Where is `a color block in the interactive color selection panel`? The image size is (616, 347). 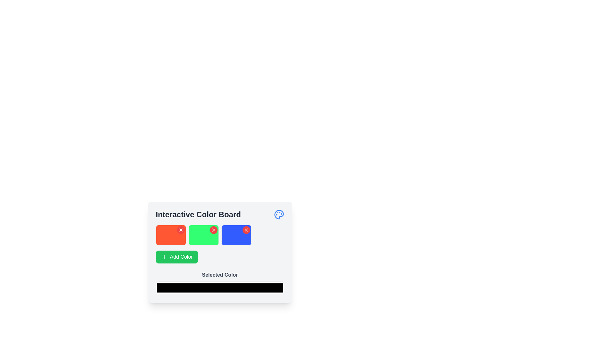
a color block in the interactive color selection panel is located at coordinates (220, 259).